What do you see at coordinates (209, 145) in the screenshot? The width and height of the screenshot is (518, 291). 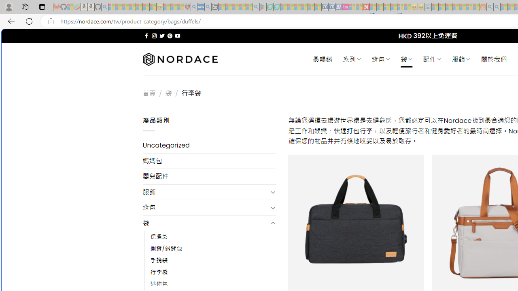 I see `'Uncategorized'` at bounding box center [209, 145].